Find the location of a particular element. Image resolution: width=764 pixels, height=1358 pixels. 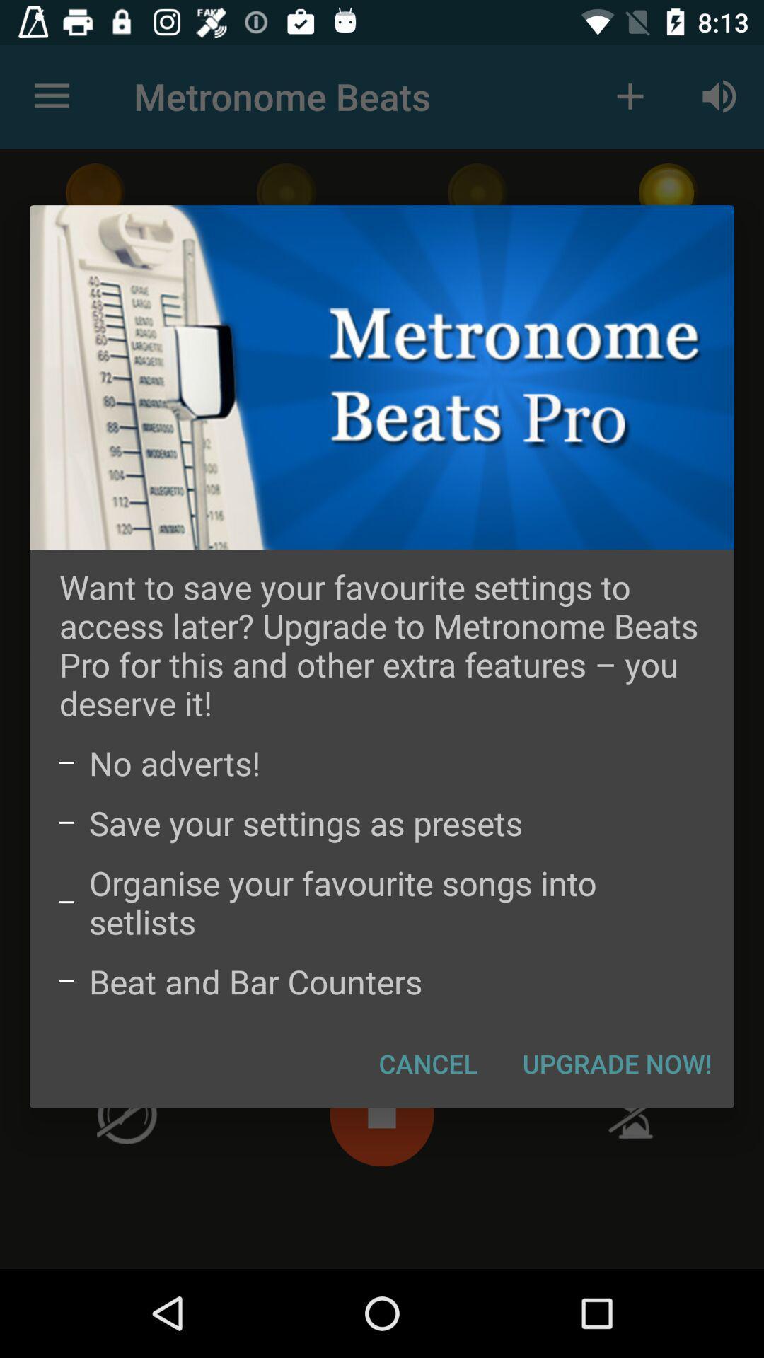

cancel icon is located at coordinates (427, 1063).